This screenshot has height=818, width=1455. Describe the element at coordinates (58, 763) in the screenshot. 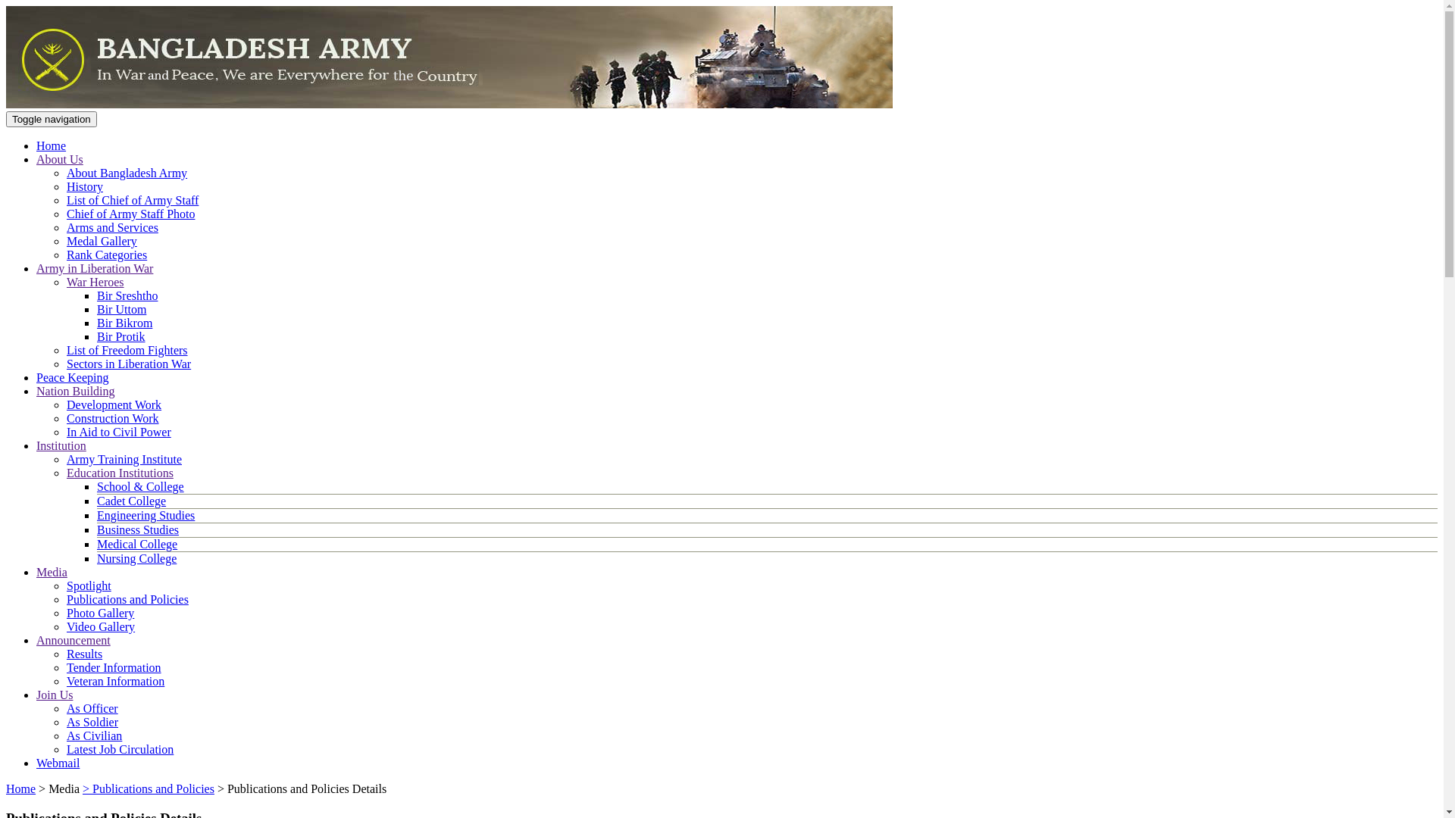

I see `'Webmail'` at that location.